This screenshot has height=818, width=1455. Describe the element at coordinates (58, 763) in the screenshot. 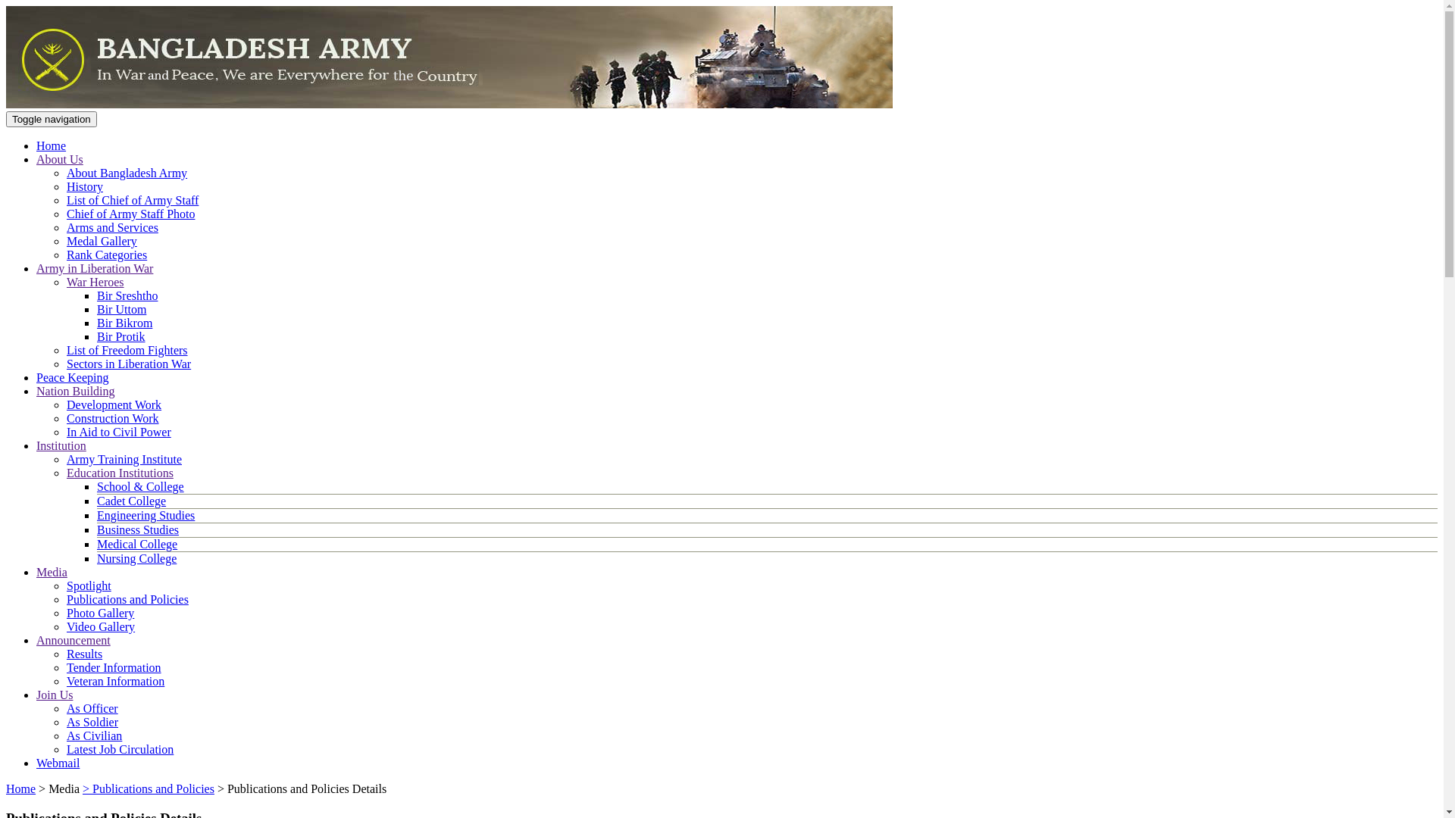

I see `'Webmail'` at that location.